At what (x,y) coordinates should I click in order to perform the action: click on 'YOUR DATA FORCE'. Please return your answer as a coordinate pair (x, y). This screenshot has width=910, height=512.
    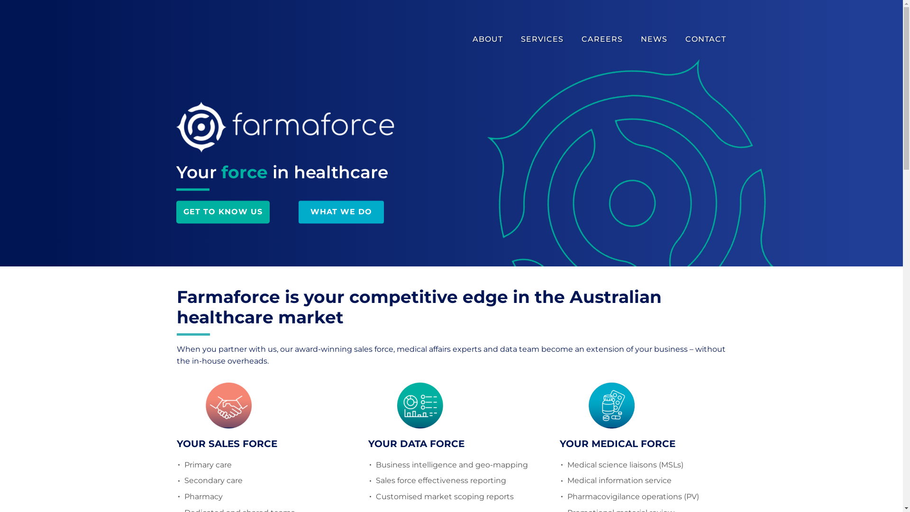
    Looking at the image, I should click on (416, 444).